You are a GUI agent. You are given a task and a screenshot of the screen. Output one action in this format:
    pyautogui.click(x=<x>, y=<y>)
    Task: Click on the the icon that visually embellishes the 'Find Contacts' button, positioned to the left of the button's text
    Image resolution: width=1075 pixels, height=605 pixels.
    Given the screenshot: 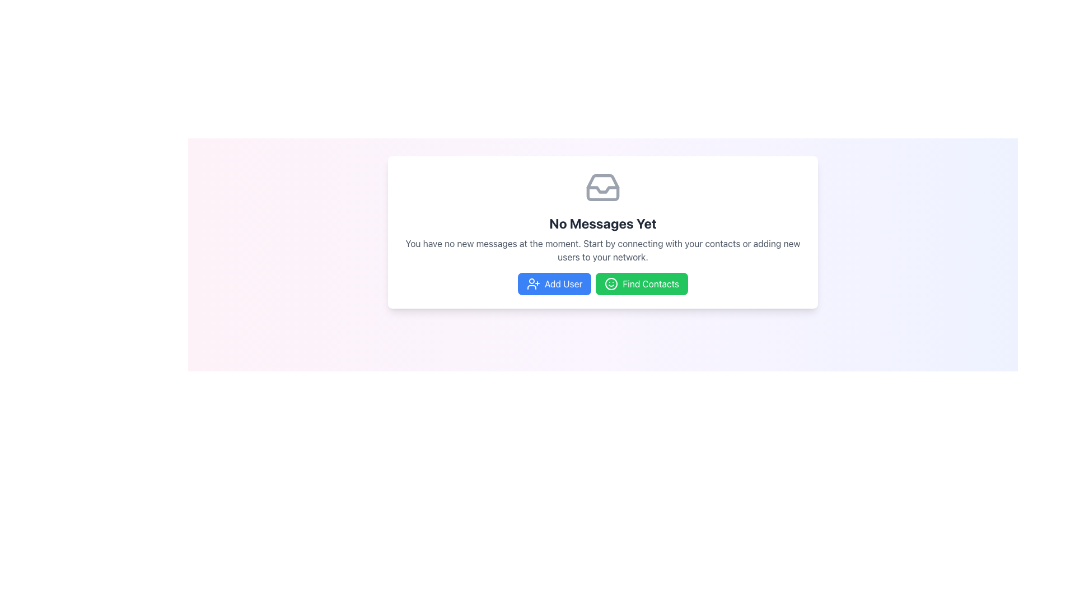 What is the action you would take?
    pyautogui.click(x=611, y=283)
    